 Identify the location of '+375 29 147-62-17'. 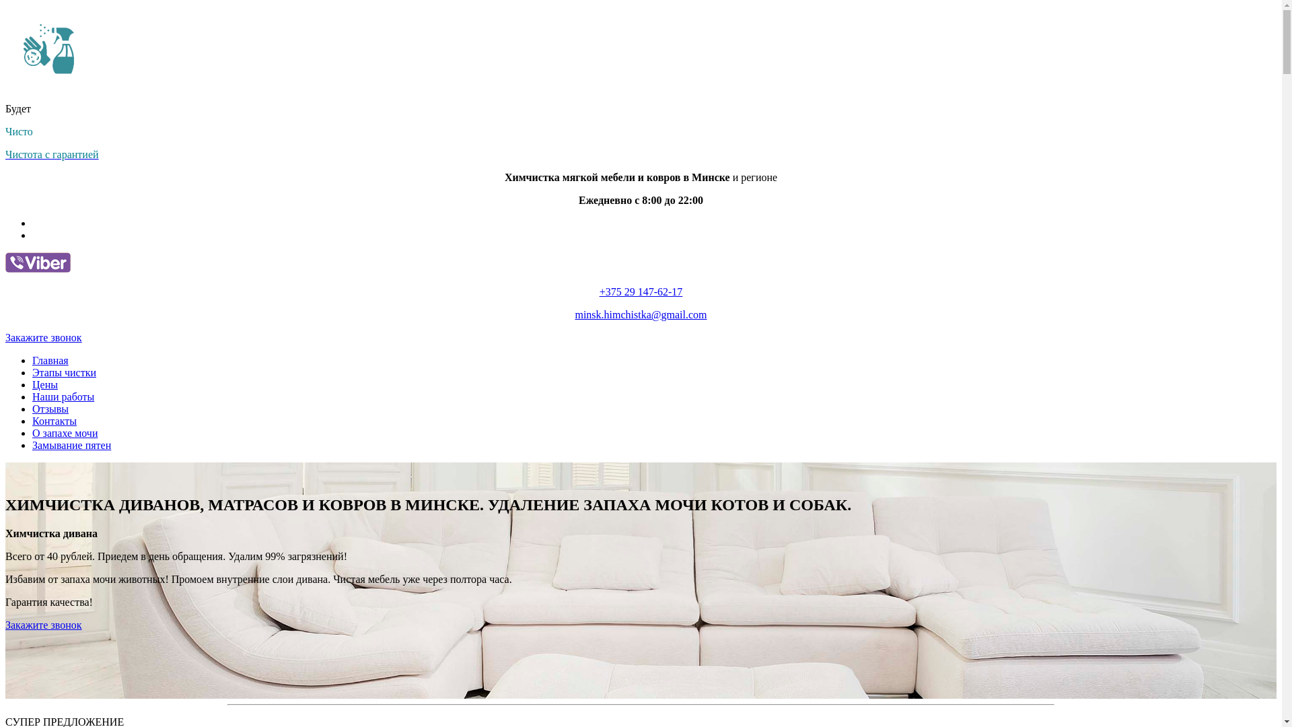
(641, 291).